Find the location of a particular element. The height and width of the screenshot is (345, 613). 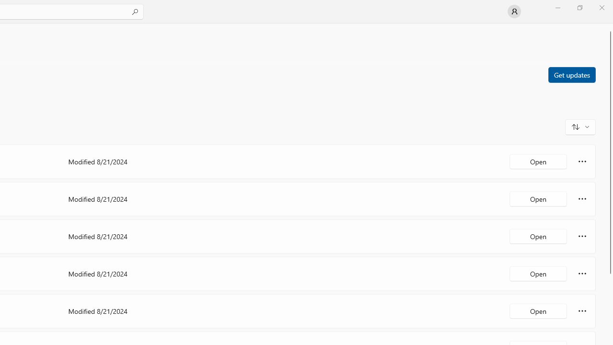

'Restore Microsoft Store' is located at coordinates (579, 7).